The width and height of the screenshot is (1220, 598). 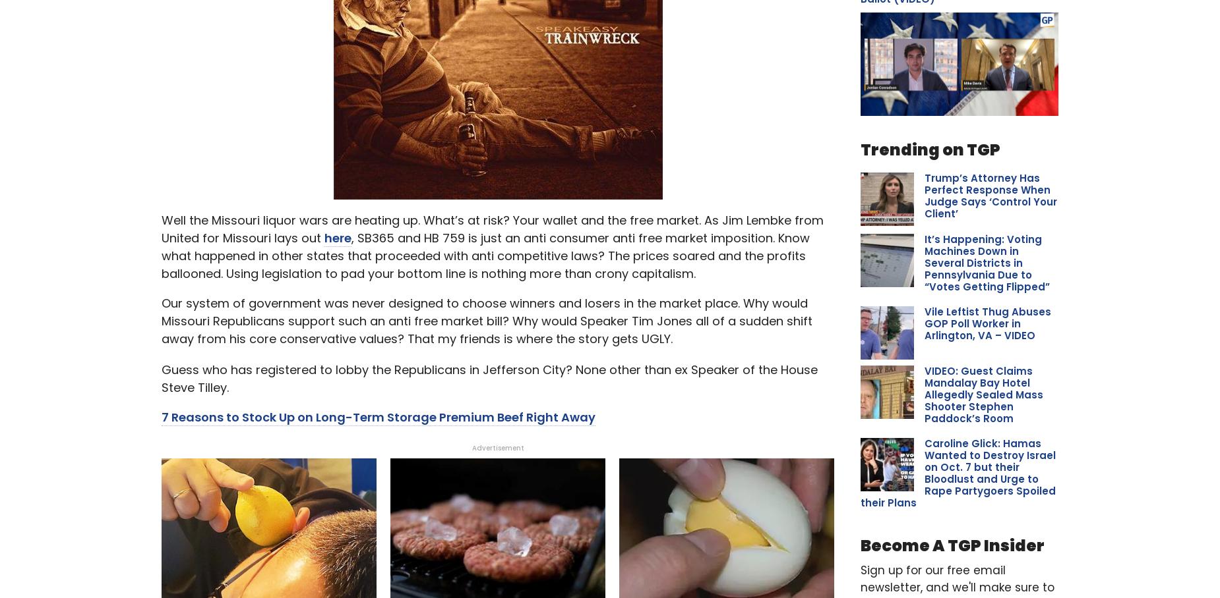 What do you see at coordinates (476, 133) in the screenshot?
I see `'read more of Jim Hoft's articles here.'` at bounding box center [476, 133].